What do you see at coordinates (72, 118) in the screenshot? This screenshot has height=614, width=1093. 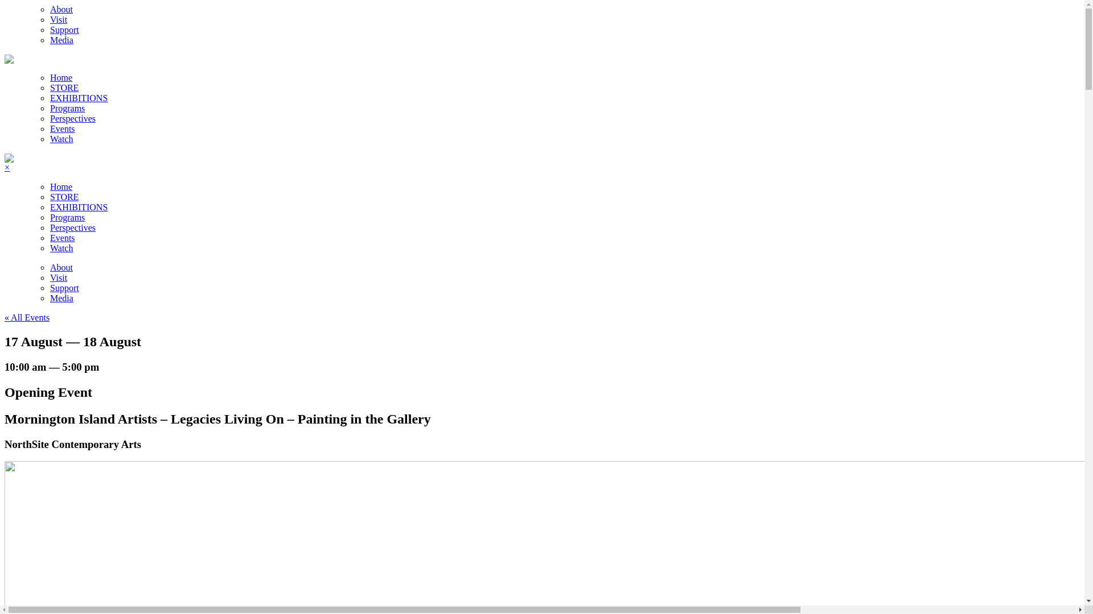 I see `'Perspectives'` at bounding box center [72, 118].